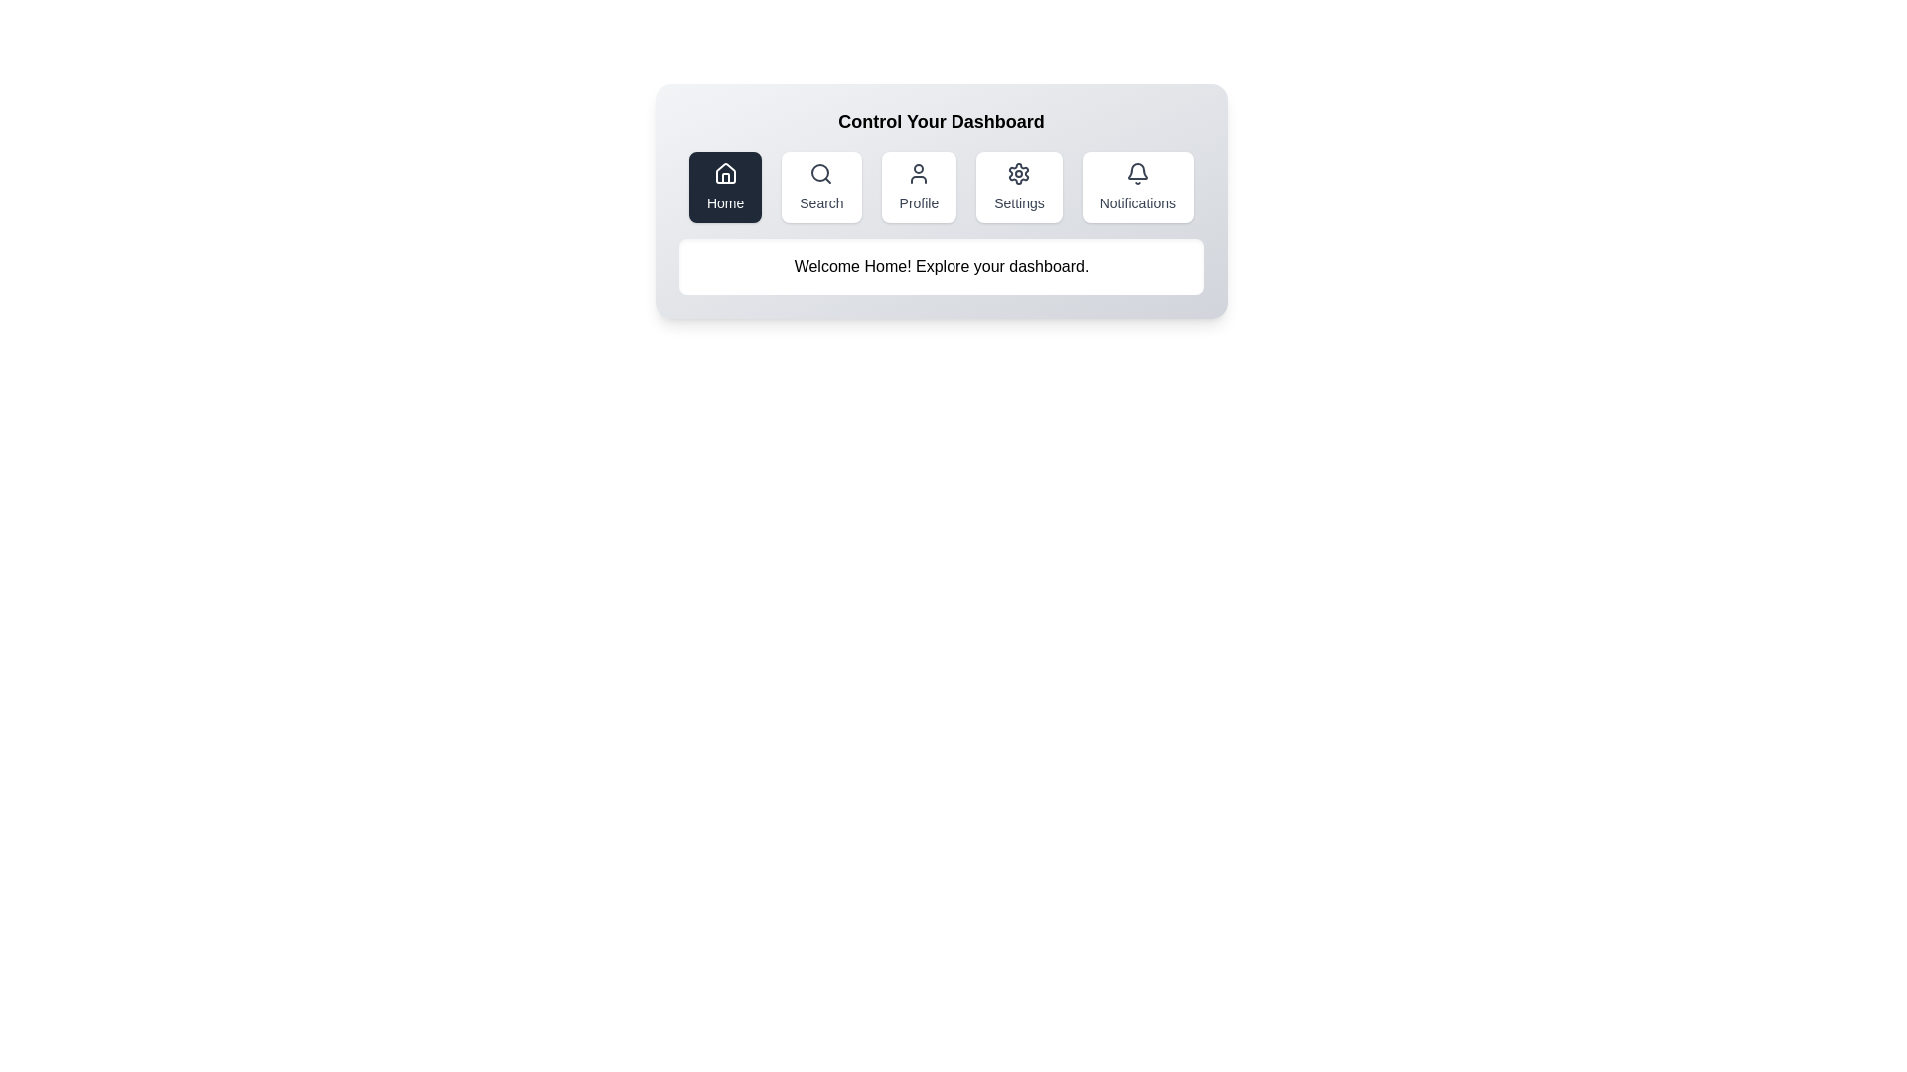  I want to click on the centrally positioned greeting text element located below the navigation buttons in the application dashboard, so click(941, 266).